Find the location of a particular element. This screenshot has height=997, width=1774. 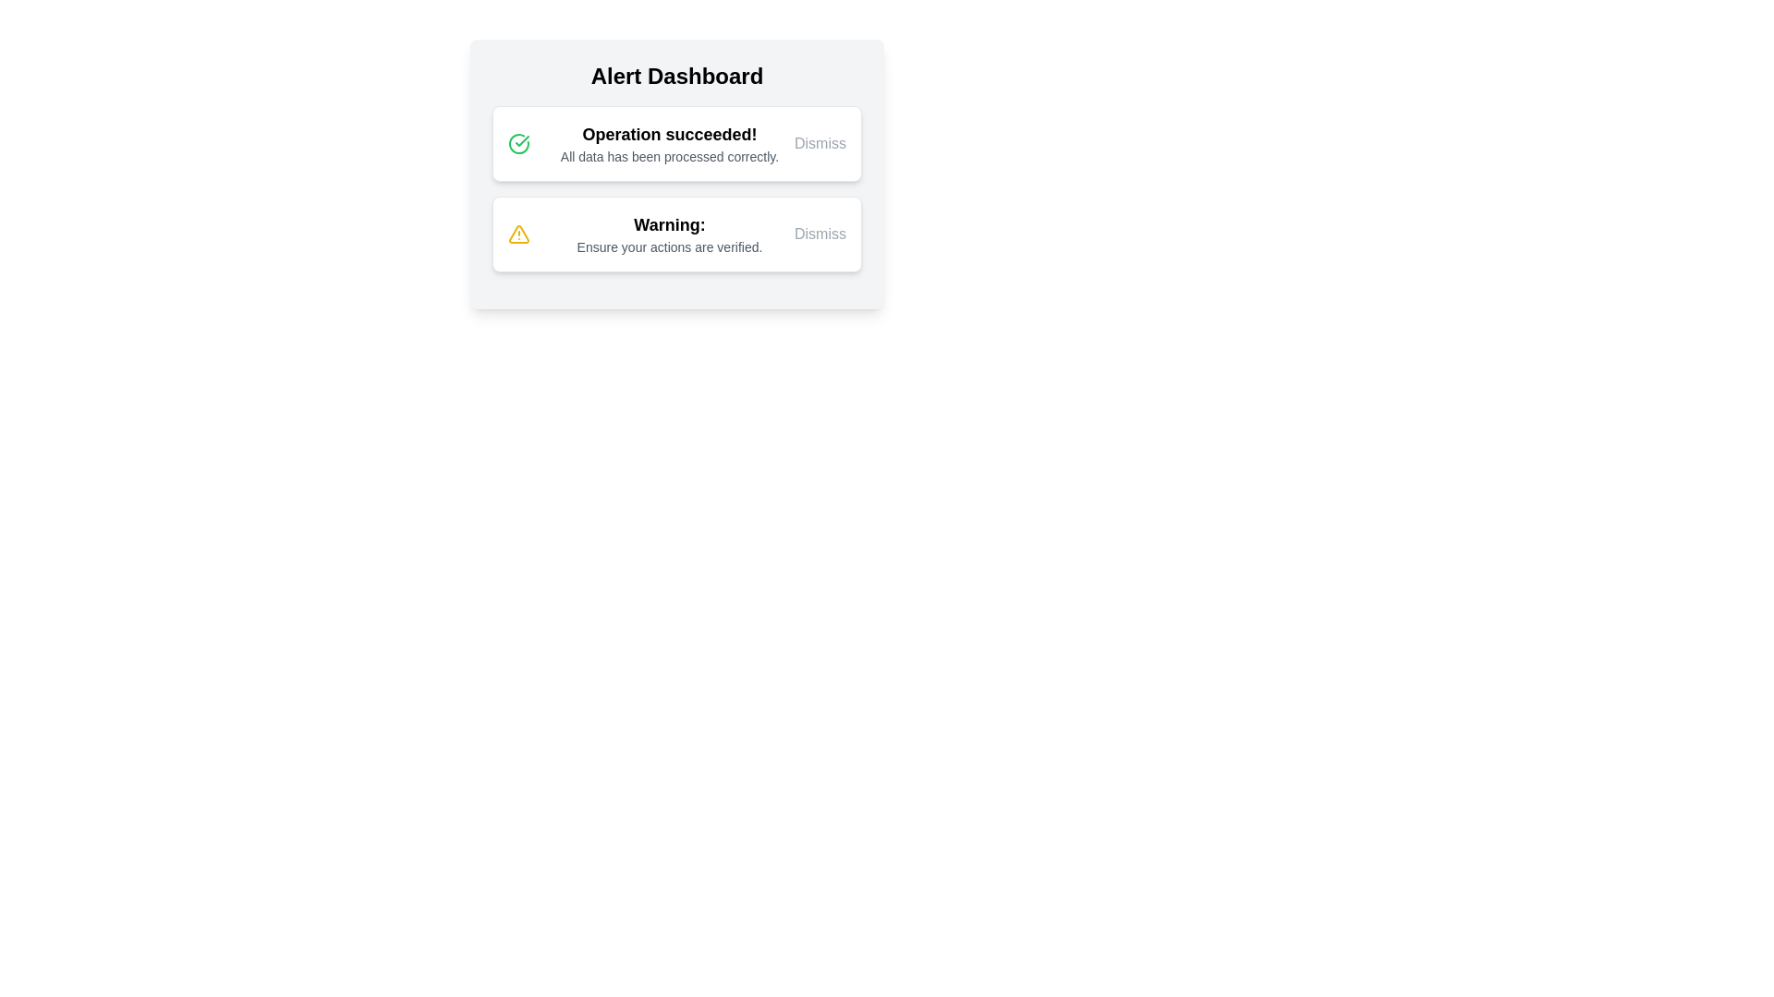

the 'Dismiss' button for the alert with message 'Operation succeeded!' is located at coordinates (820, 142).